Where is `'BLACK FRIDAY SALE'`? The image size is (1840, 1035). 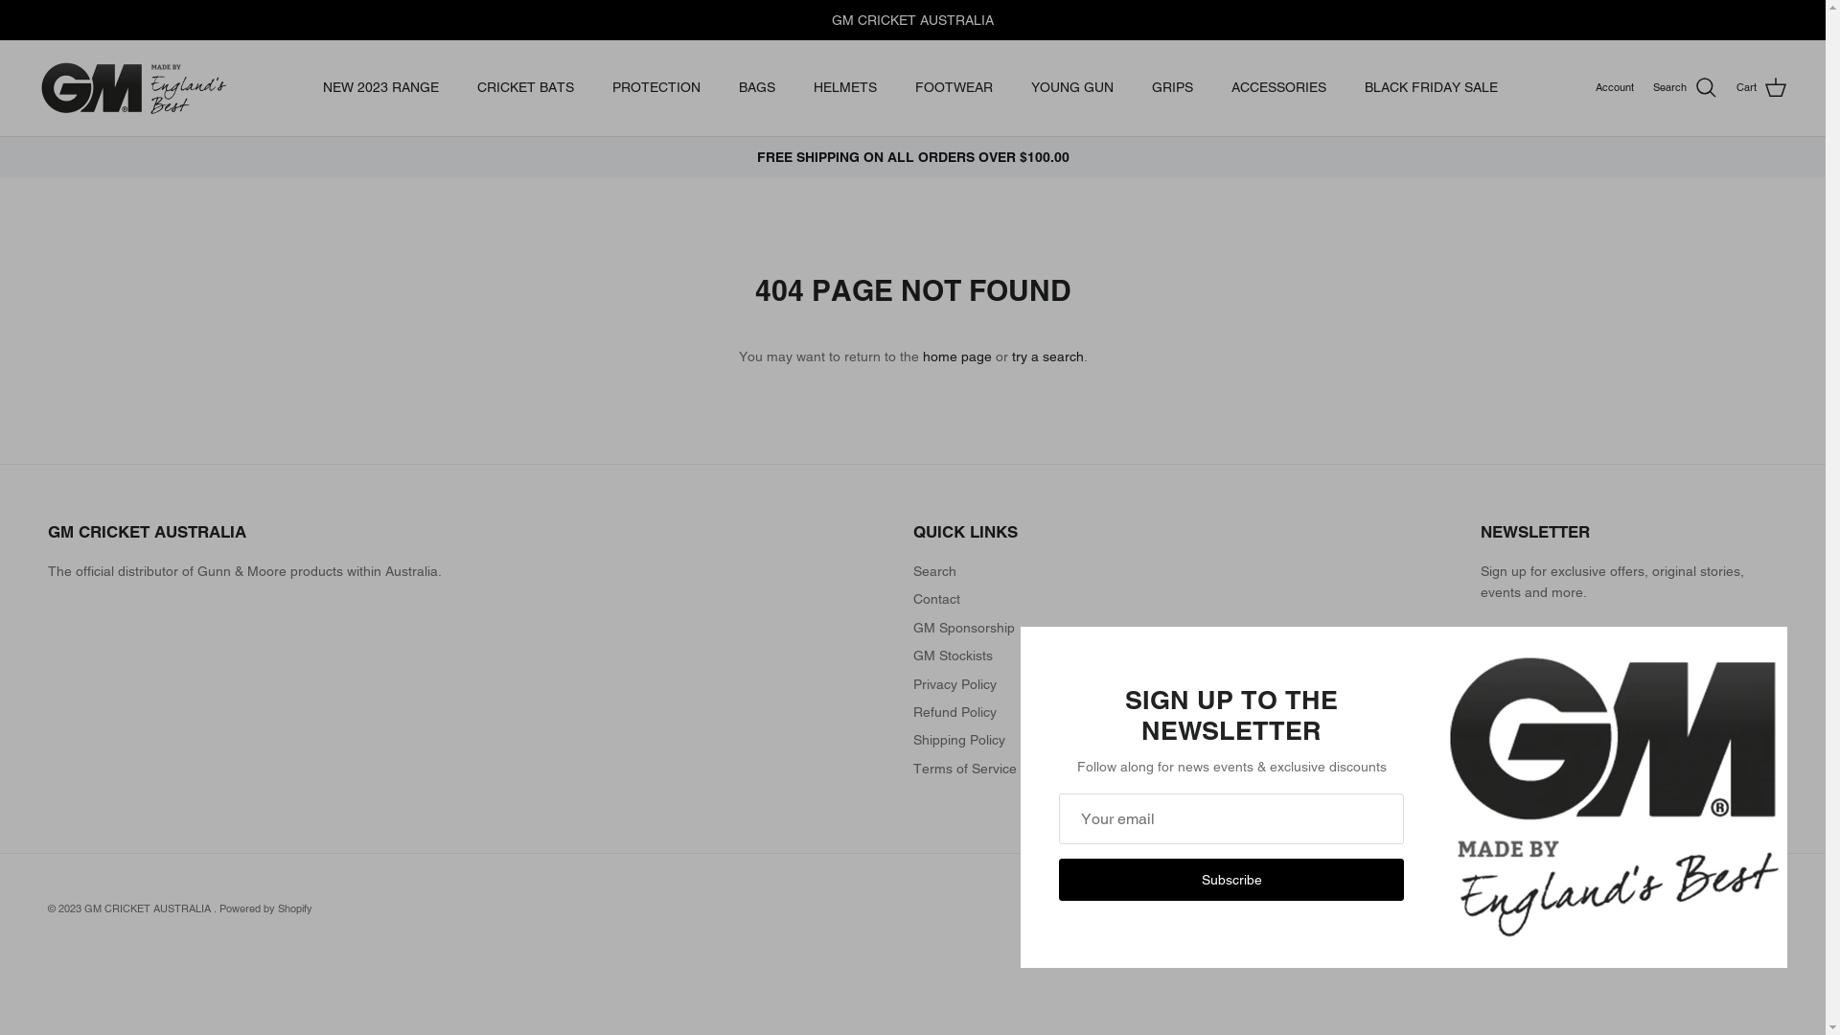
'BLACK FRIDAY SALE' is located at coordinates (1431, 87).